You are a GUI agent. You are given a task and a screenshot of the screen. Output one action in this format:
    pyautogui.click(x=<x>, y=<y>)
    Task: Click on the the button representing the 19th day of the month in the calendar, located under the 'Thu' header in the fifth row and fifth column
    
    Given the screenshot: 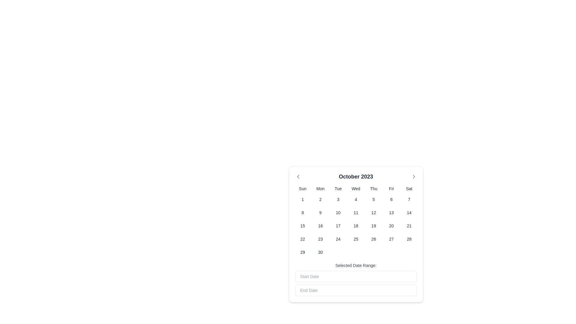 What is the action you would take?
    pyautogui.click(x=373, y=226)
    